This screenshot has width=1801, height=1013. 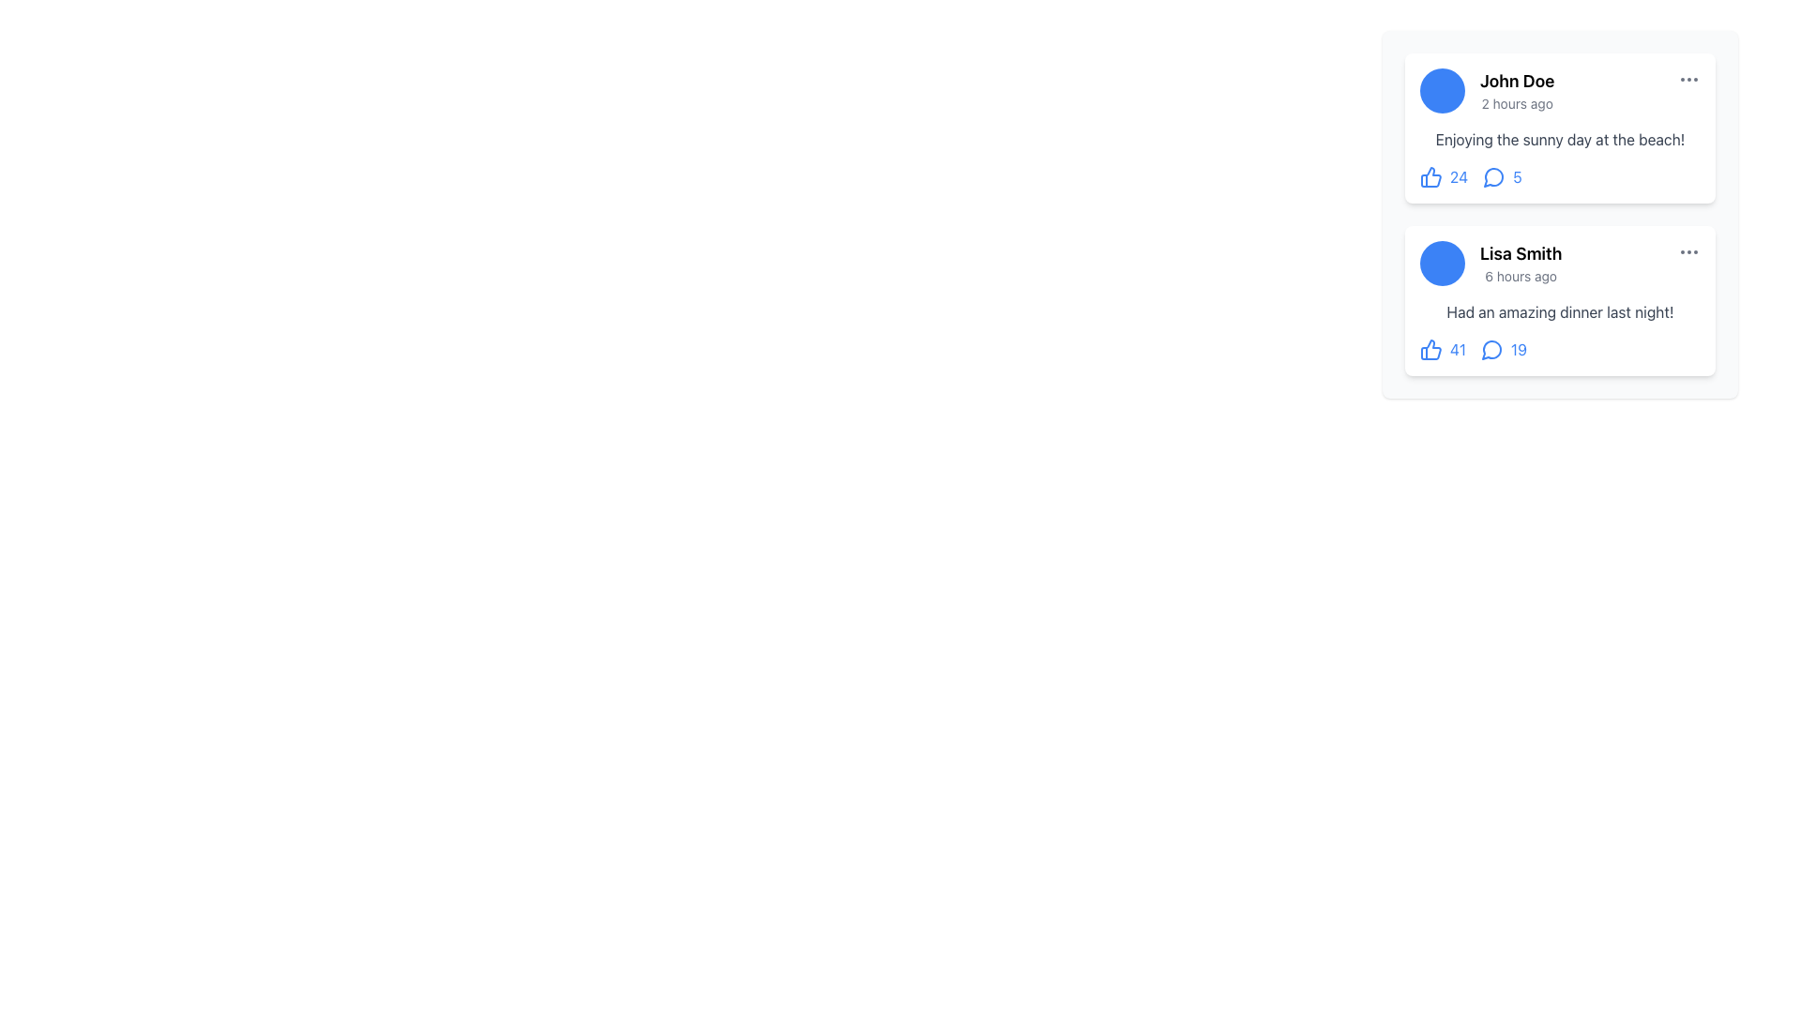 I want to click on the thumbs-up icon, outlined in blue, representing the 'like' feature, located to the left of the numerical count '24' in the top card of two displayed cards, so click(x=1430, y=177).